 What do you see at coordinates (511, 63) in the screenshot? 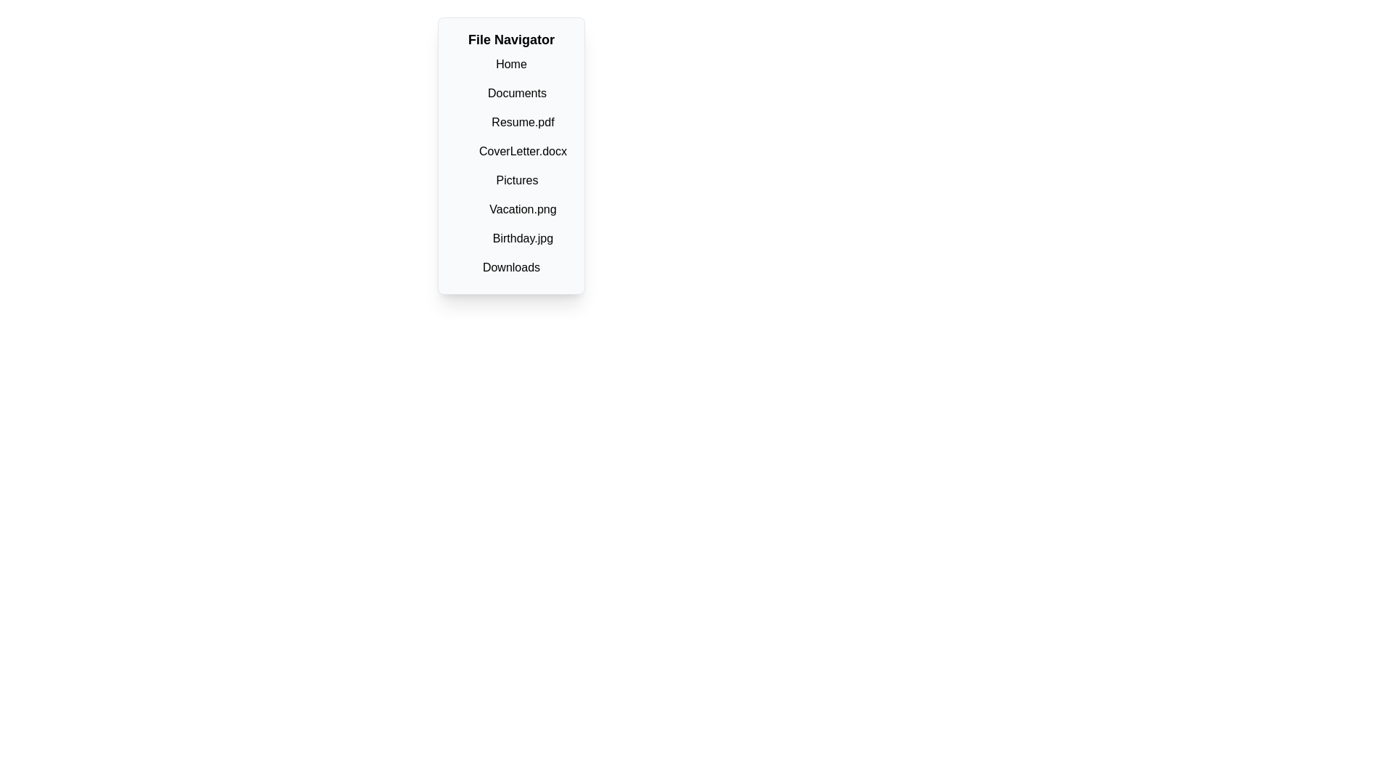
I see `the 'Home' text label, which is styled in black sans-serif font and positioned directly under the 'File Navigator' heading` at bounding box center [511, 63].